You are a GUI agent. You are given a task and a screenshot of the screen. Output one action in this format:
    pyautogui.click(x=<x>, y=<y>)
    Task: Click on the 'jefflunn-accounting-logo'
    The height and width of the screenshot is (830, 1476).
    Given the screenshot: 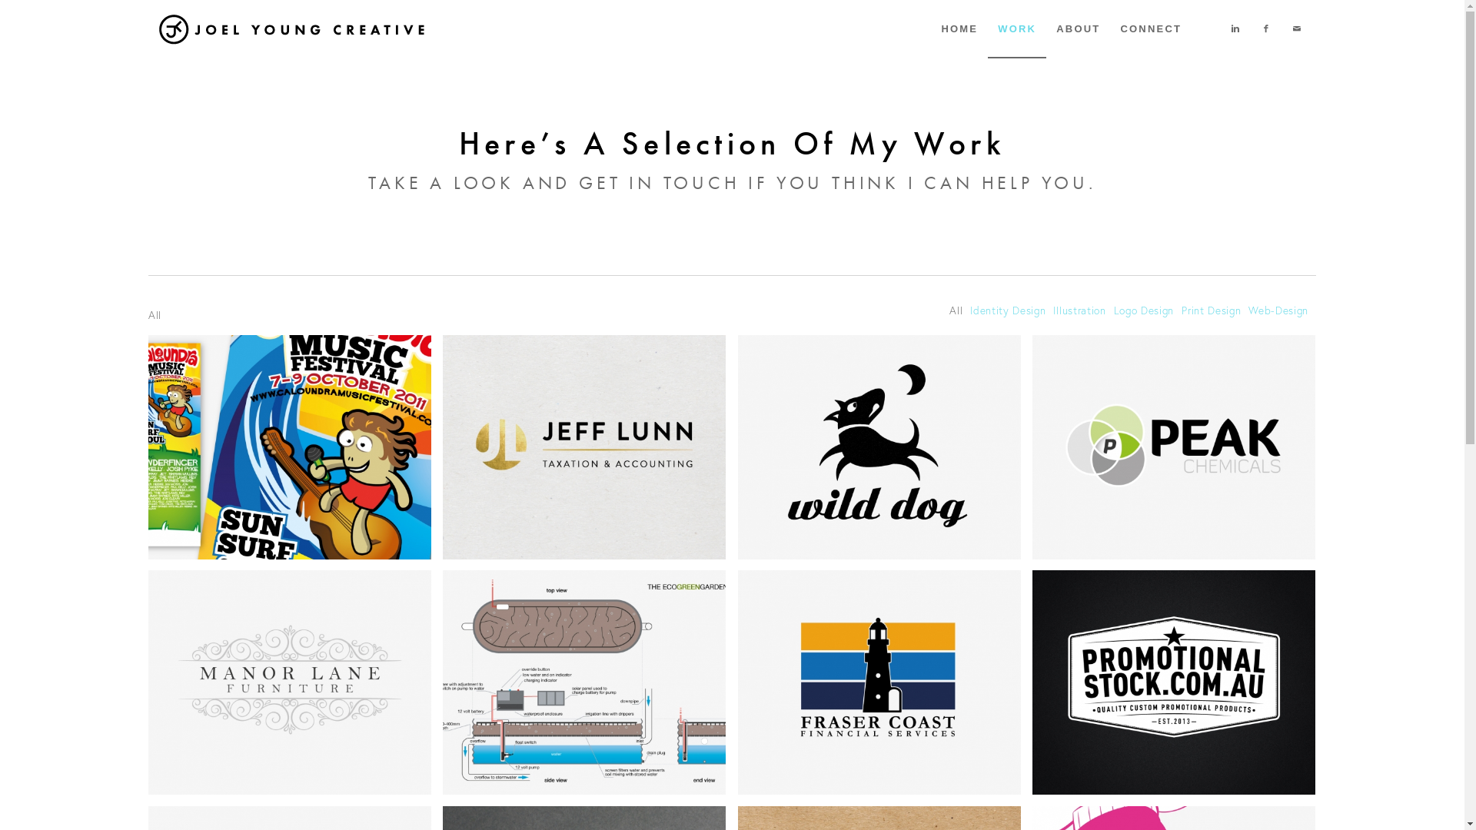 What is the action you would take?
    pyautogui.click(x=590, y=452)
    